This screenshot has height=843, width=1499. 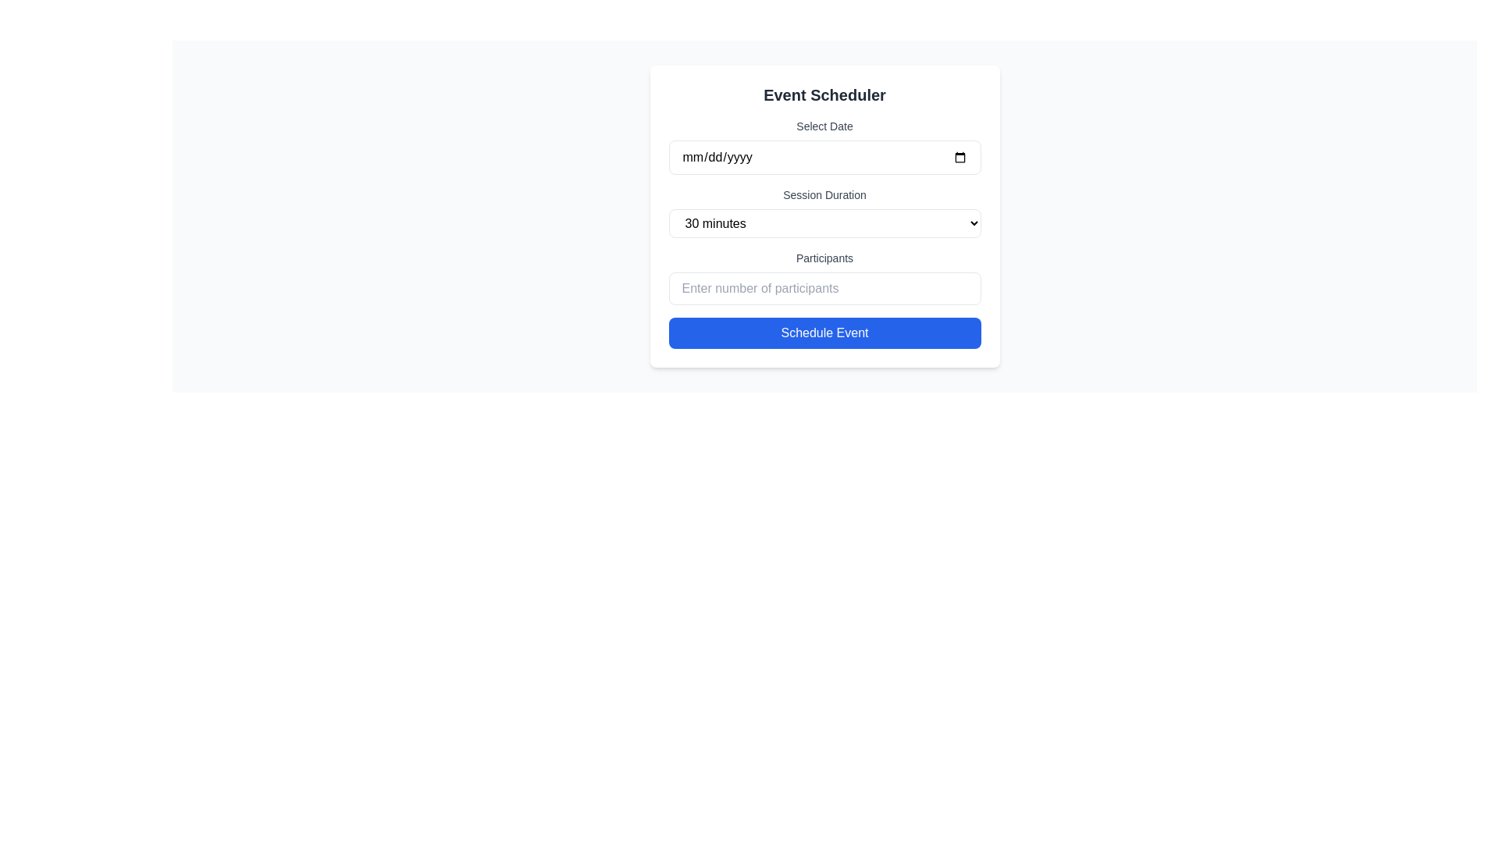 What do you see at coordinates (824, 212) in the screenshot?
I see `the 'Session Duration' dropdown menu by pressing the tab key` at bounding box center [824, 212].